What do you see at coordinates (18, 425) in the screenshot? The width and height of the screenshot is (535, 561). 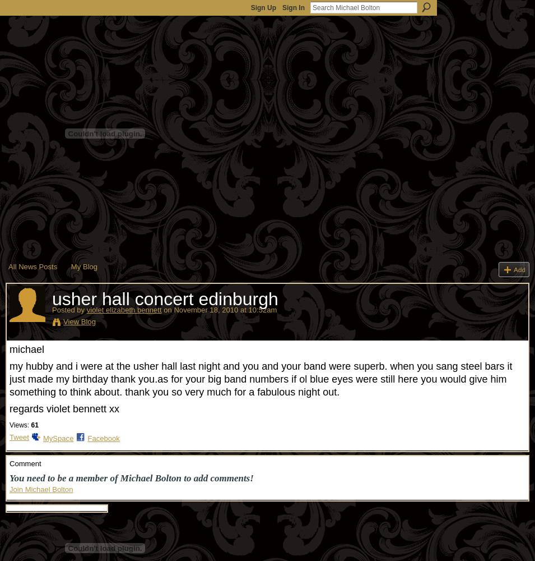 I see `'Views:'` at bounding box center [18, 425].